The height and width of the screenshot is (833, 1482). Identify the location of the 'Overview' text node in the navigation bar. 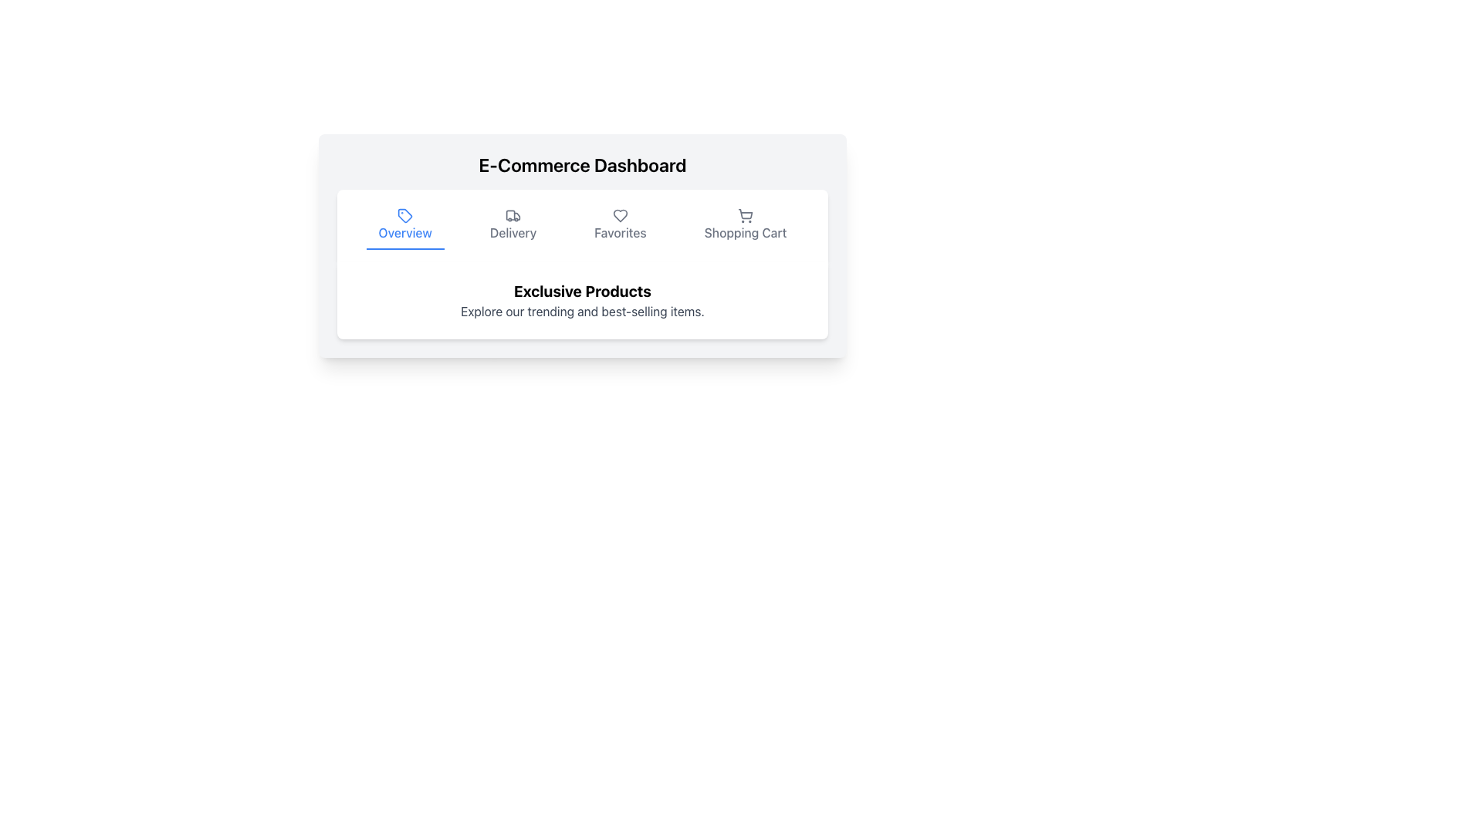
(405, 232).